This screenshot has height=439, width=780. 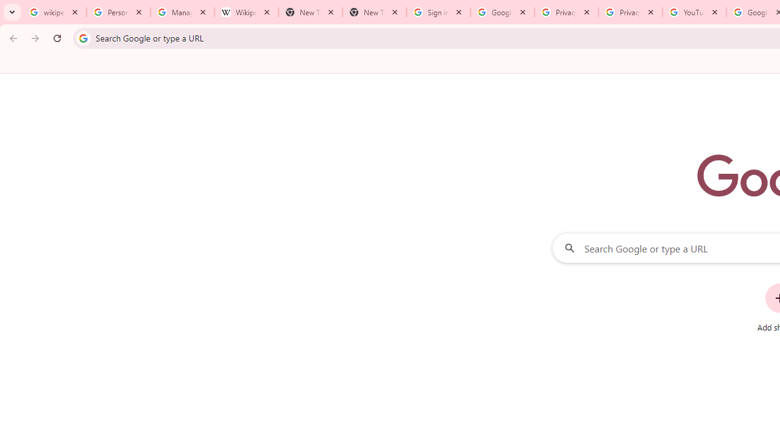 I want to click on 'Forward', so click(x=35, y=37).